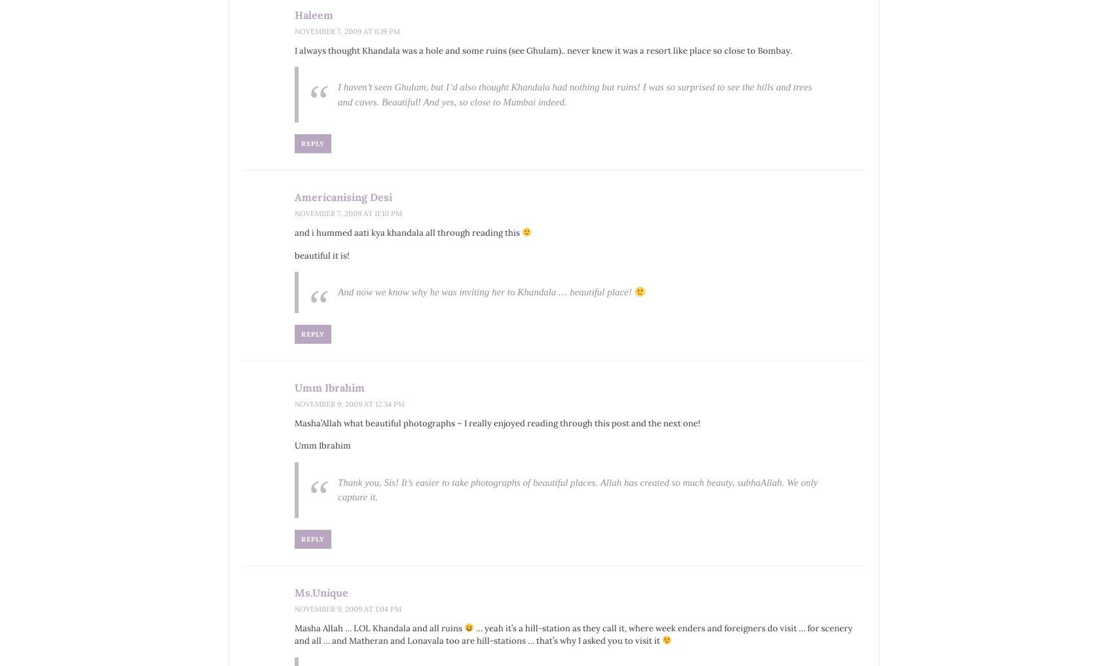 The width and height of the screenshot is (1108, 666). I want to click on 'Masha’Allah what beautiful photographs – I really enjoyed reading through this post and the next one!', so click(294, 422).